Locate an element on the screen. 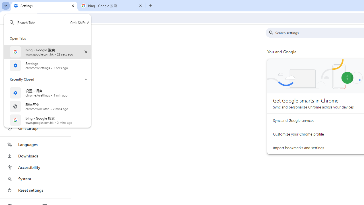 Image resolution: width=364 pixels, height=205 pixels. 'Search Tabs Ctrl+Shift+A Found 5 Tabs' is located at coordinates (53, 22).